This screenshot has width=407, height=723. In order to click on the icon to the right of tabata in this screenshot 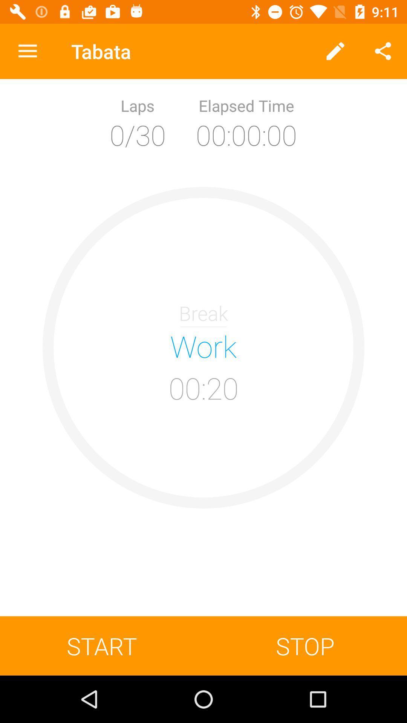, I will do `click(335, 51)`.